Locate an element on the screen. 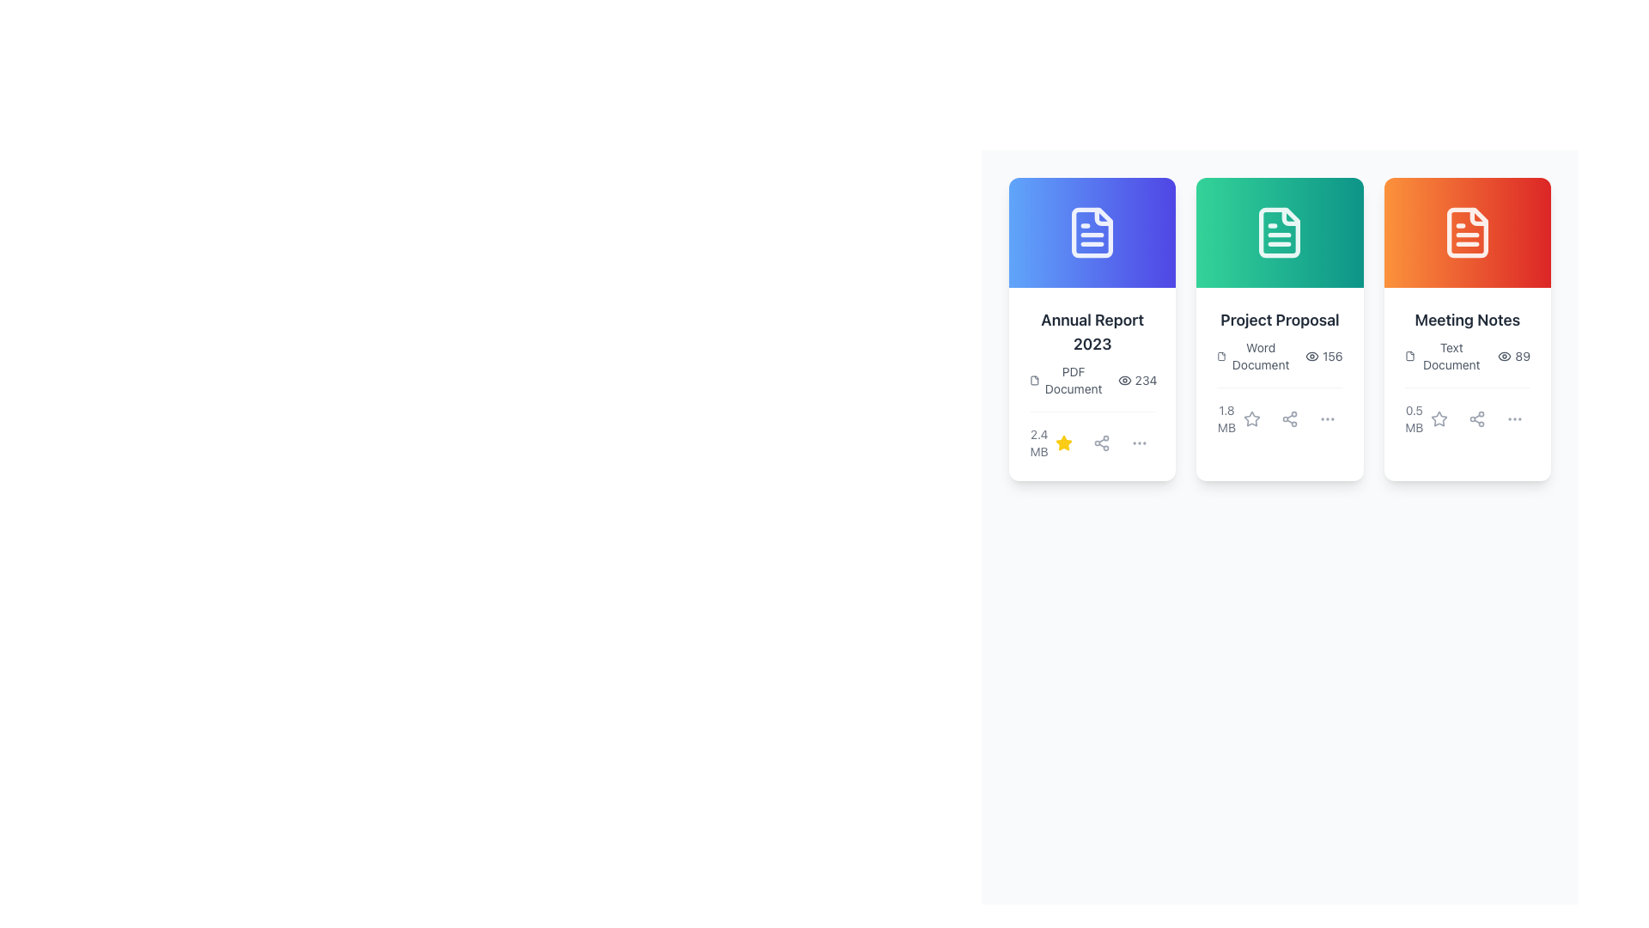  the decorative PDF icon located in the upper-left corner of the 'Annual Report 2023' informational card, adjacent to the text 'PDF Document' is located at coordinates (1033, 380).